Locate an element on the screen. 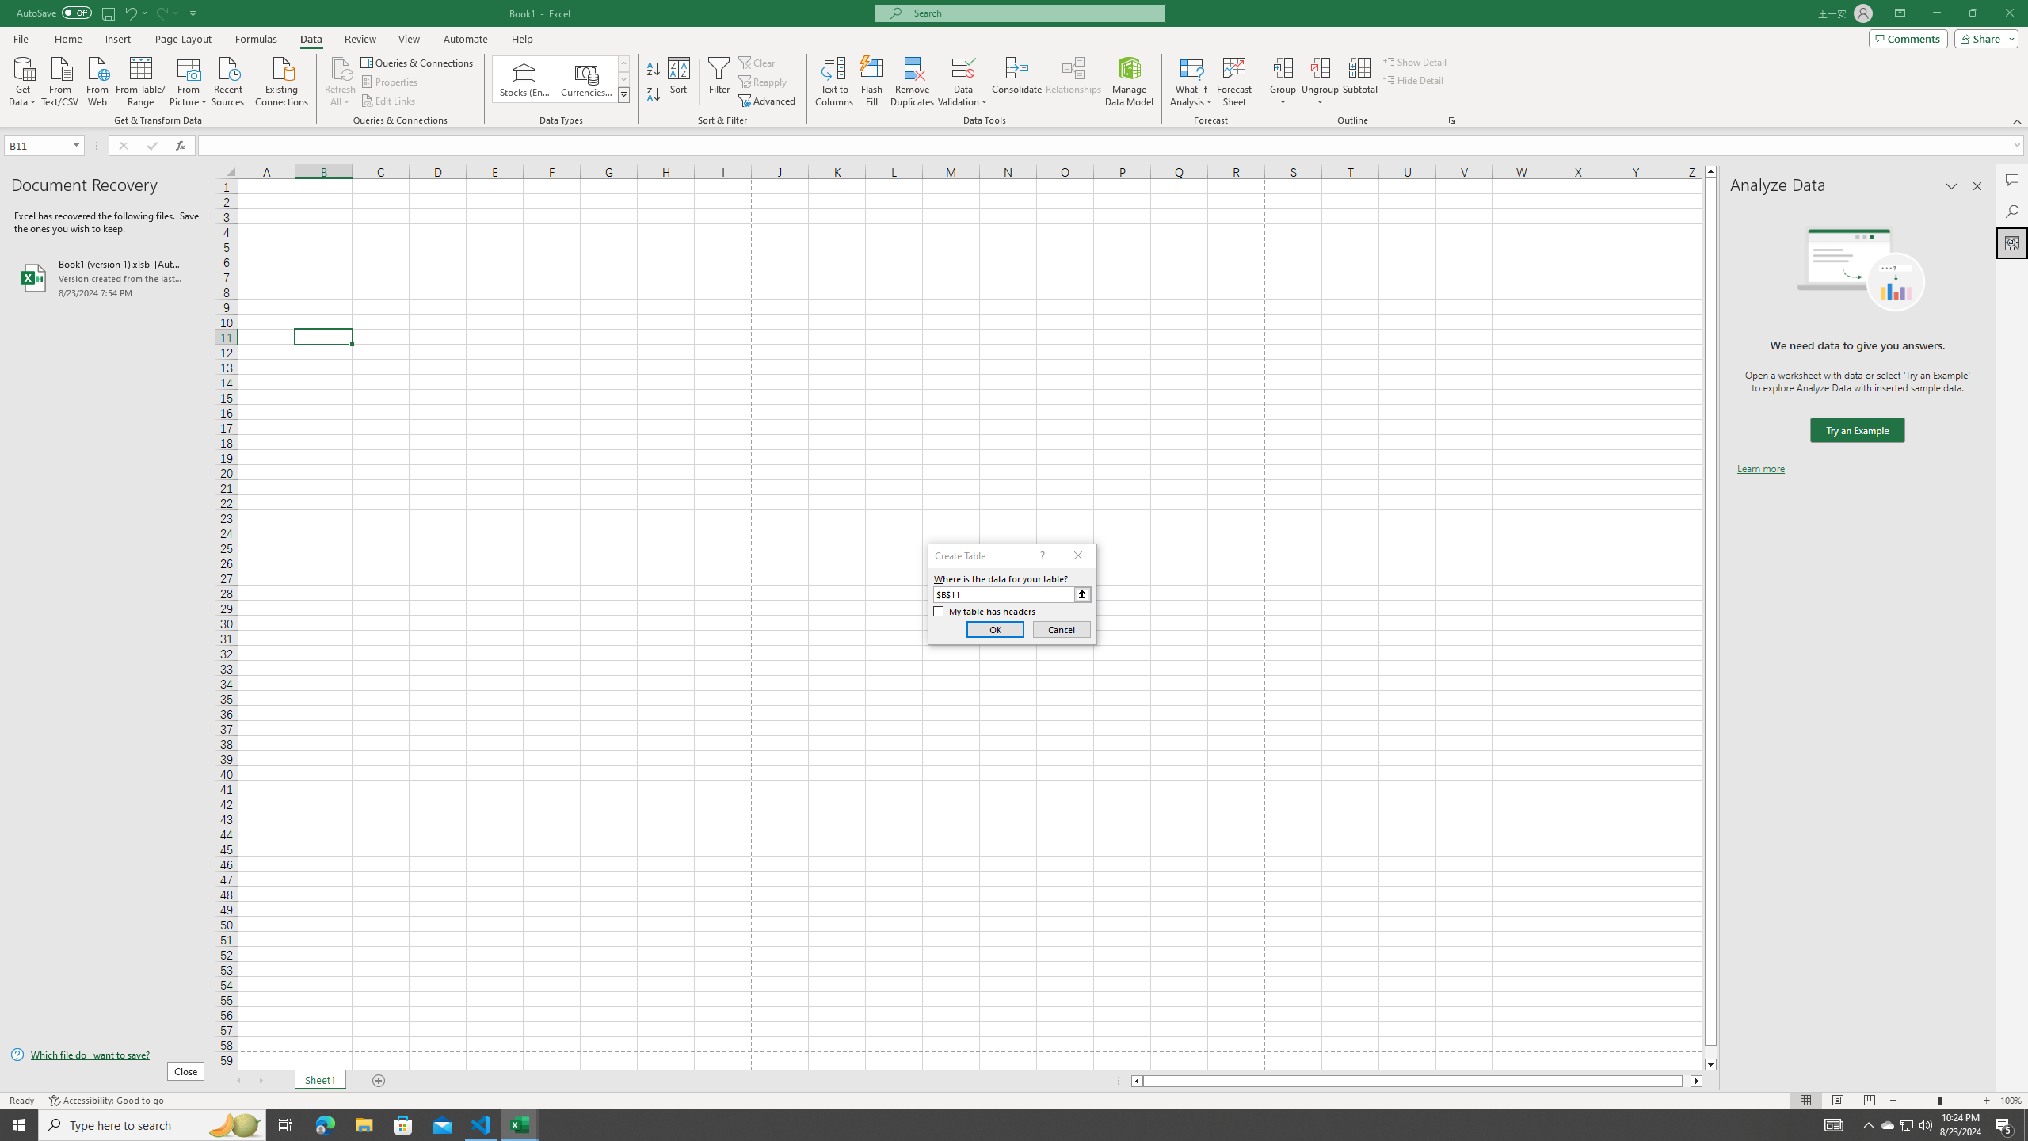  'Consolidate...' is located at coordinates (1016, 82).